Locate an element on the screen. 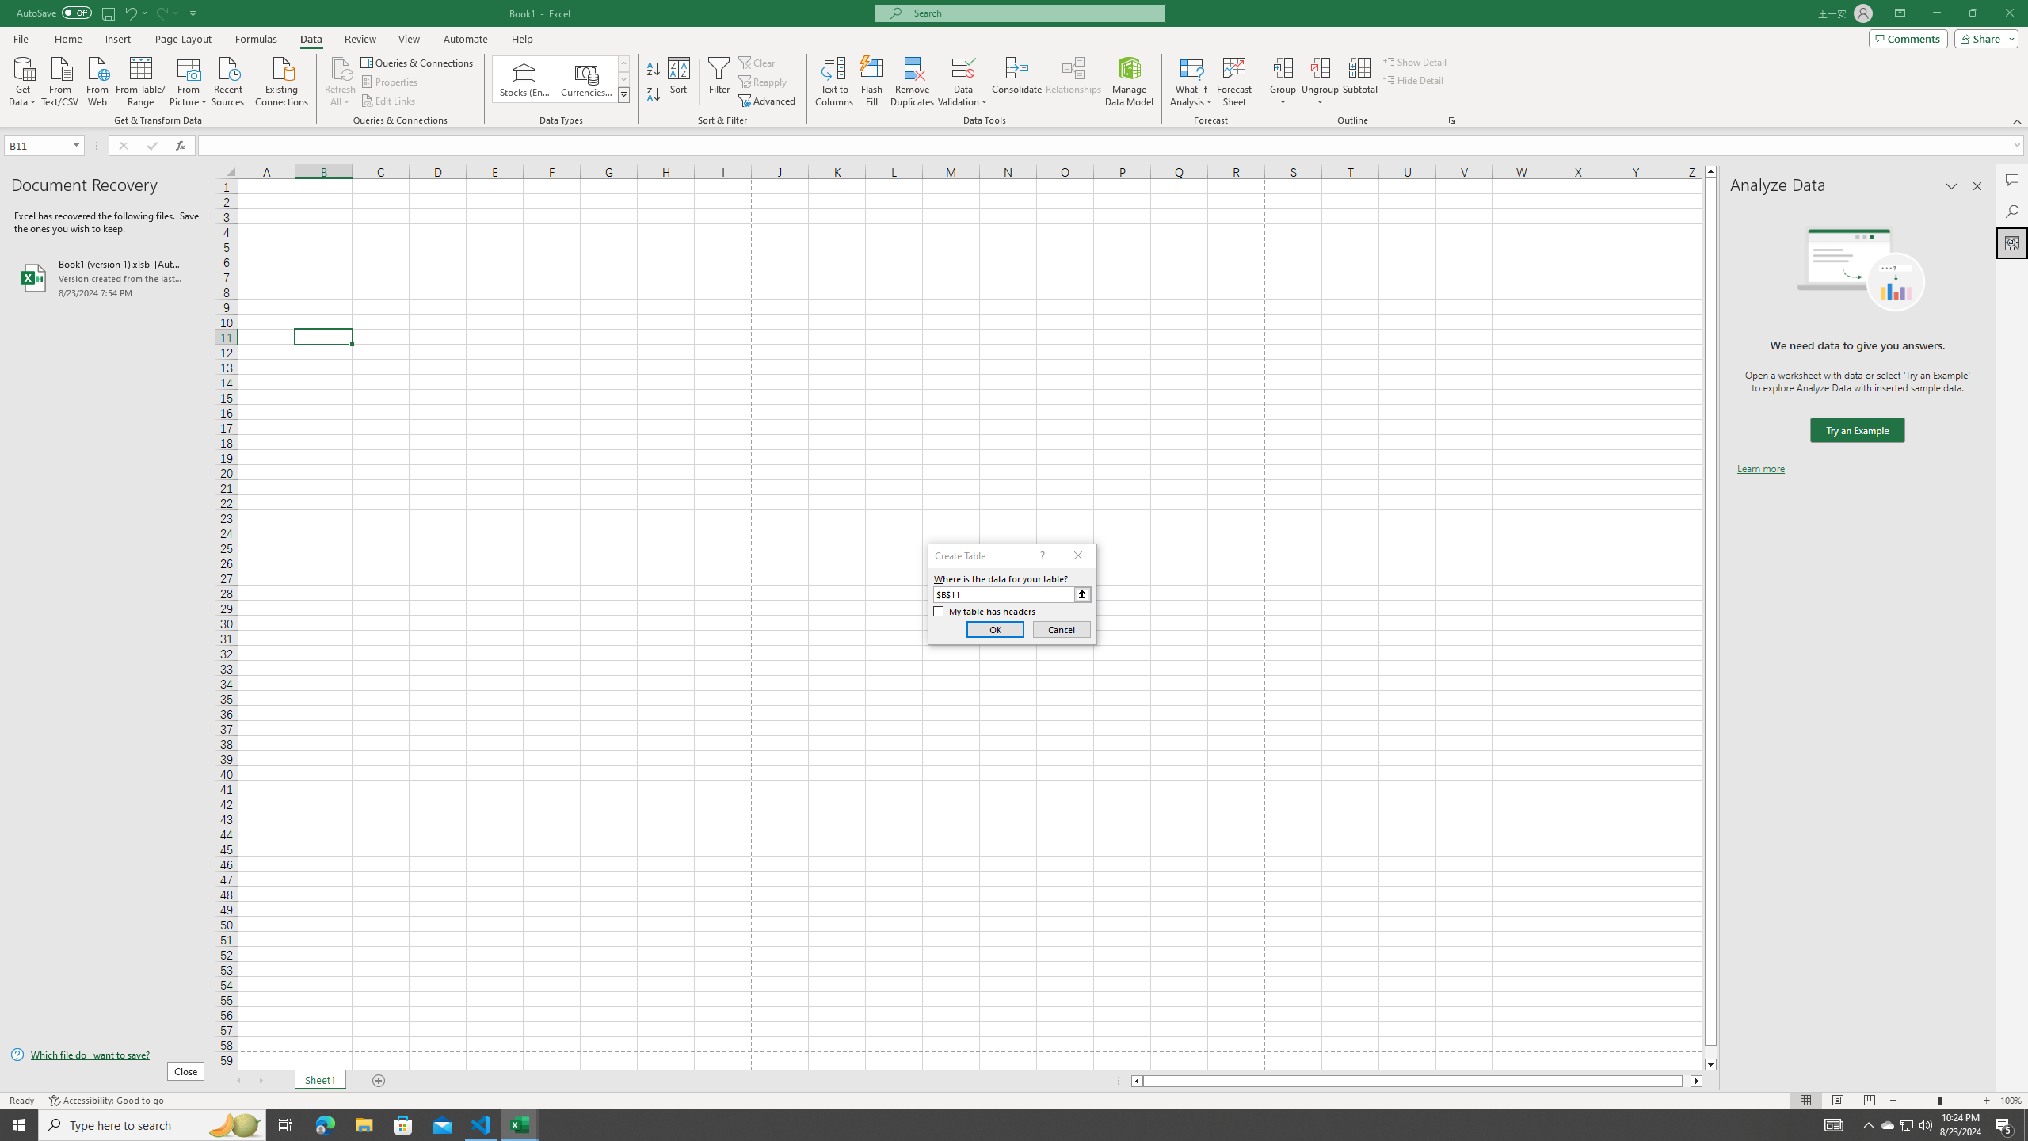  'Consolidate...' is located at coordinates (1016, 82).